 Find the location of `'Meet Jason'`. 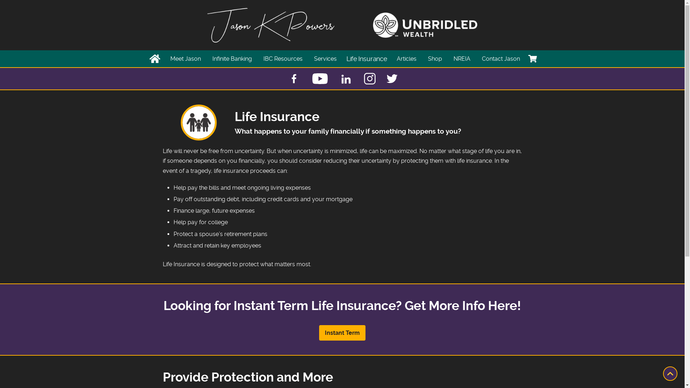

'Meet Jason' is located at coordinates (185, 58).